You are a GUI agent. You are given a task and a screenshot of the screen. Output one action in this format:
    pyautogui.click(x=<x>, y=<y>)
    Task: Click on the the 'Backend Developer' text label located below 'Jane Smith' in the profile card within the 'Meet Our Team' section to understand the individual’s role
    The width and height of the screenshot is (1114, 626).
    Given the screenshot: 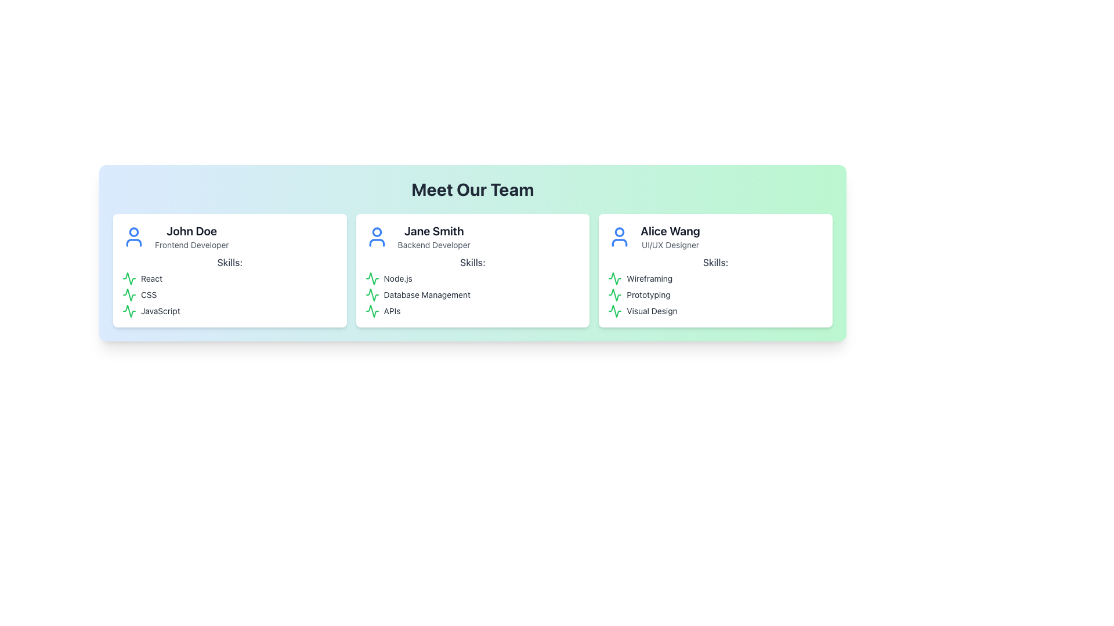 What is the action you would take?
    pyautogui.click(x=433, y=245)
    